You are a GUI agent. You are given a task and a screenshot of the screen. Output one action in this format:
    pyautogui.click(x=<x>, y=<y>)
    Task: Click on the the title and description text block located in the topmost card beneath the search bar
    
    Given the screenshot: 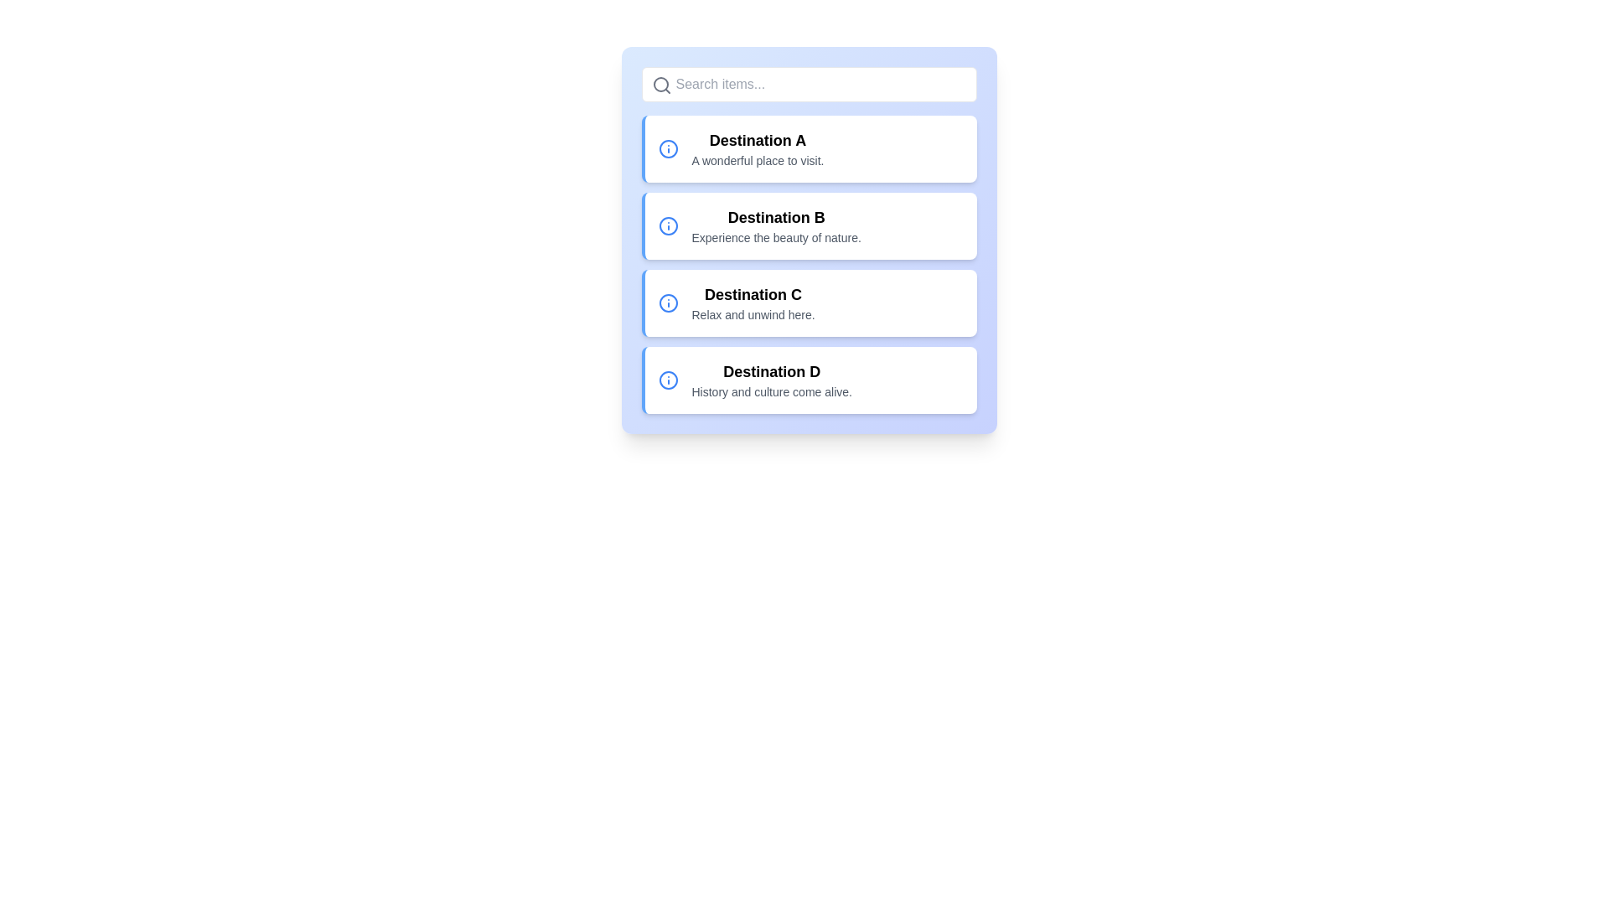 What is the action you would take?
    pyautogui.click(x=757, y=147)
    